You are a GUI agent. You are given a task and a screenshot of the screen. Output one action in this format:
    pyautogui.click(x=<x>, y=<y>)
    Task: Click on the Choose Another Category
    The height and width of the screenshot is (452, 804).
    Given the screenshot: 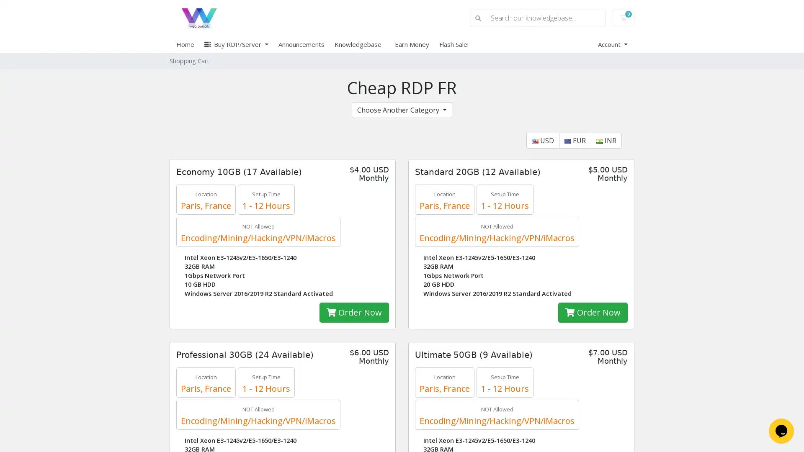 What is the action you would take?
    pyautogui.click(x=401, y=109)
    